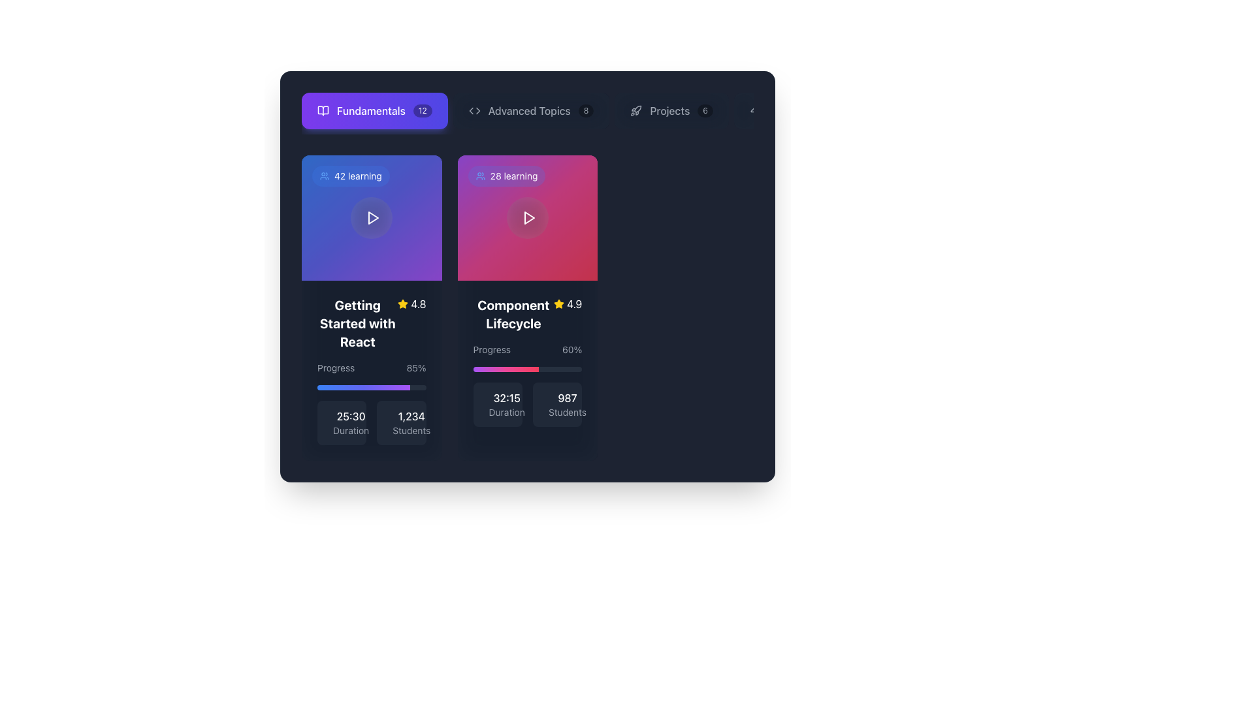 The image size is (1254, 705). What do you see at coordinates (505, 369) in the screenshot?
I see `the progress bar segment that is styled with a gradient from purple to pink, located within the 'Component Lifecycle' card under 'Progress 60%', to modify progress if interaction is enabled` at bounding box center [505, 369].